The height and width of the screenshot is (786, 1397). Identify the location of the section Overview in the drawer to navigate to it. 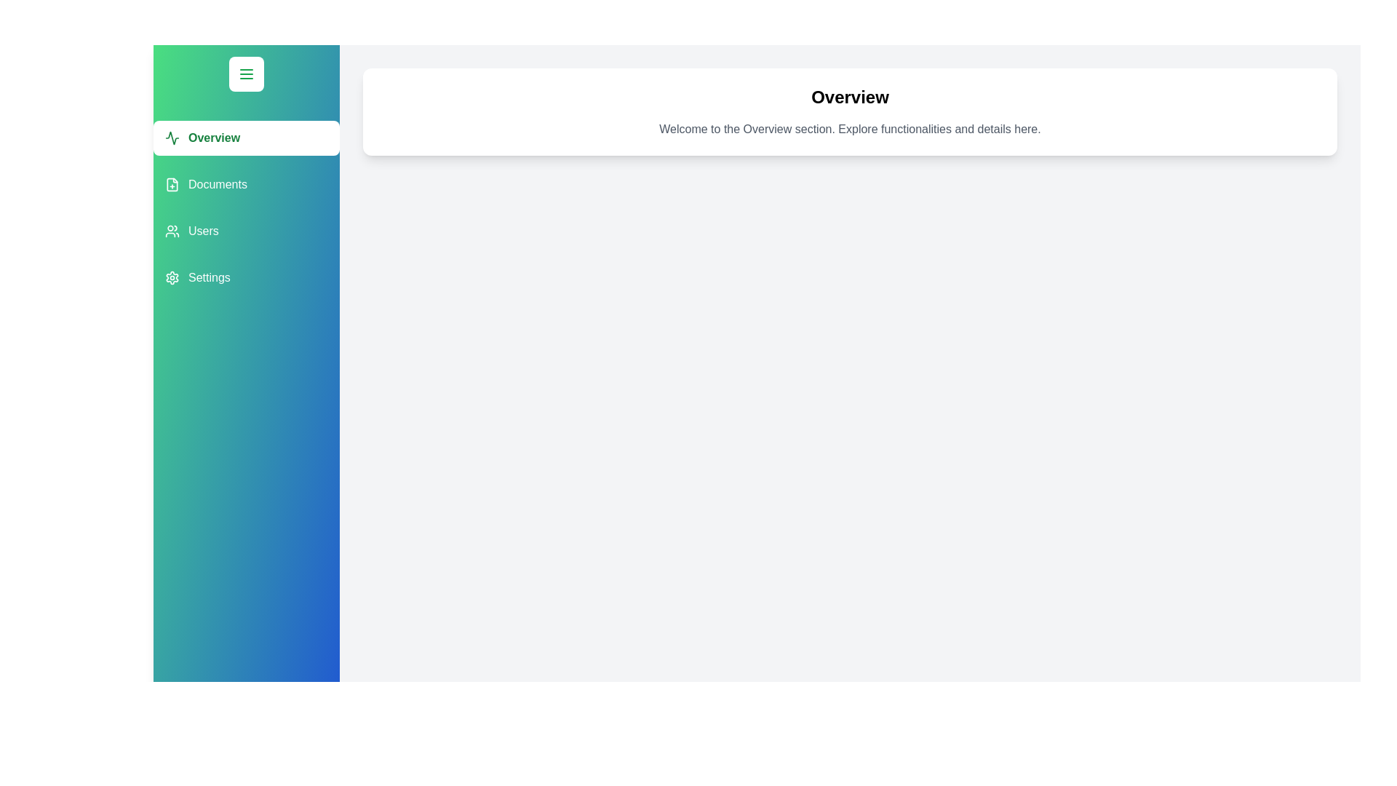
(247, 138).